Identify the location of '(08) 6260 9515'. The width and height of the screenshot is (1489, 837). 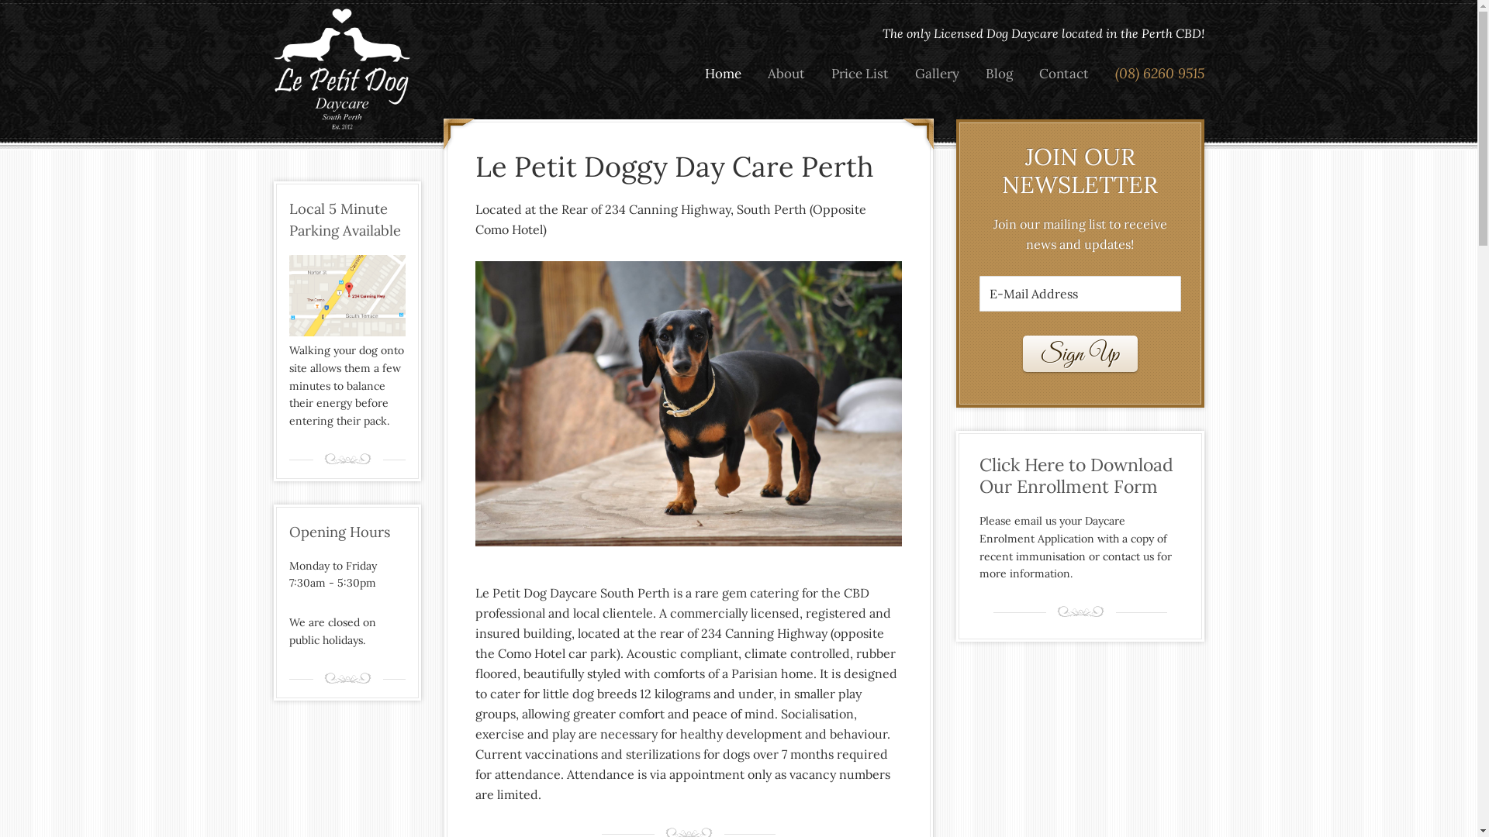
(1153, 74).